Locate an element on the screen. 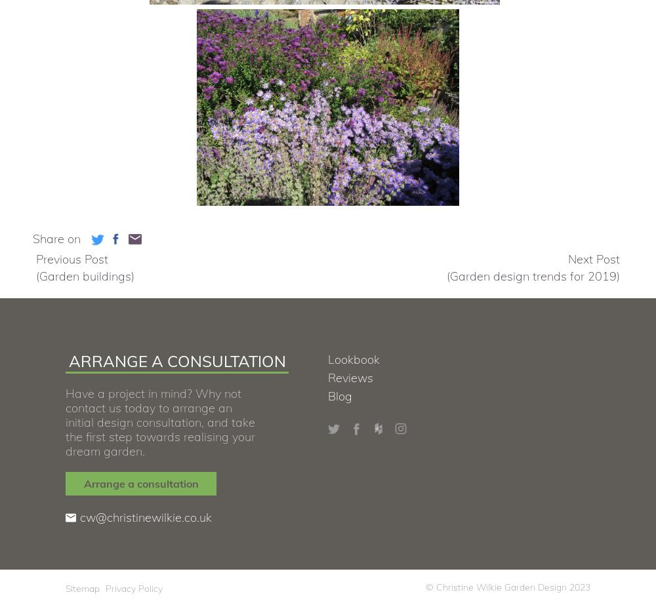 Image resolution: width=656 pixels, height=605 pixels. 'Next Post' is located at coordinates (594, 259).